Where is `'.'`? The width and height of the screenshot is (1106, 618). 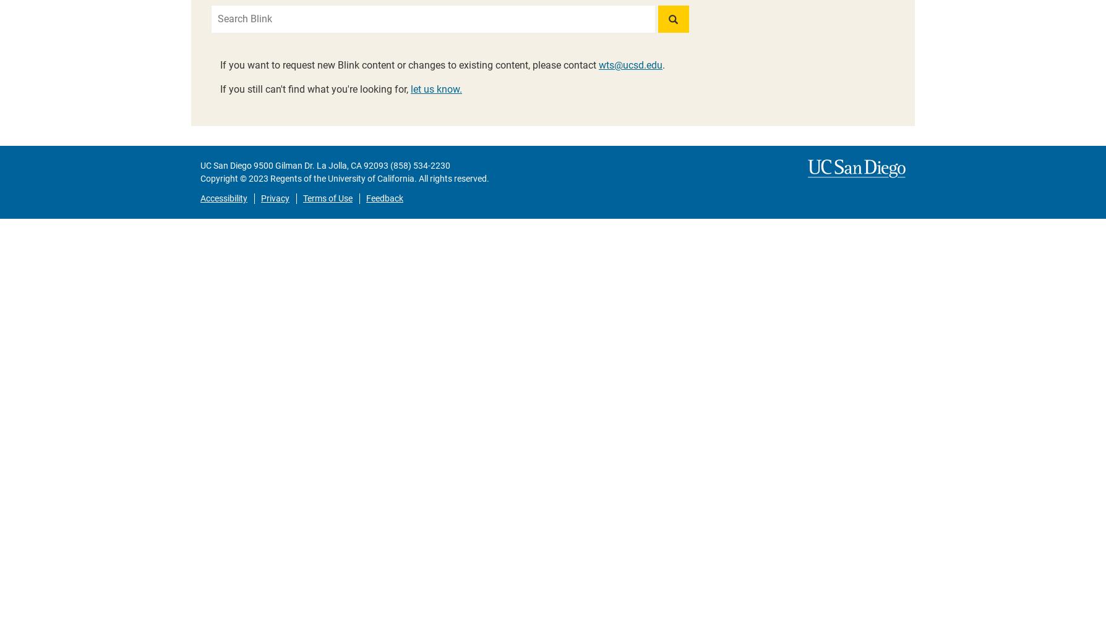
'.' is located at coordinates (663, 64).